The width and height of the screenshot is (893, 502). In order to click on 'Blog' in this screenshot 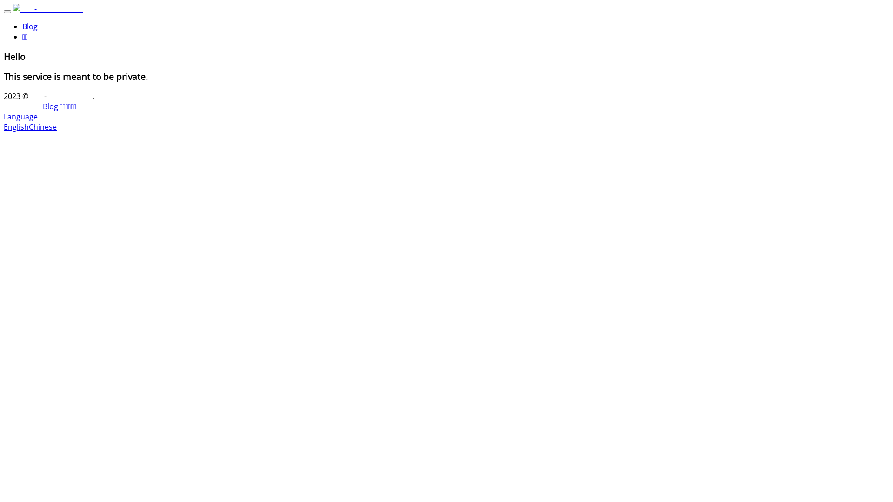, I will do `click(42, 106)`.